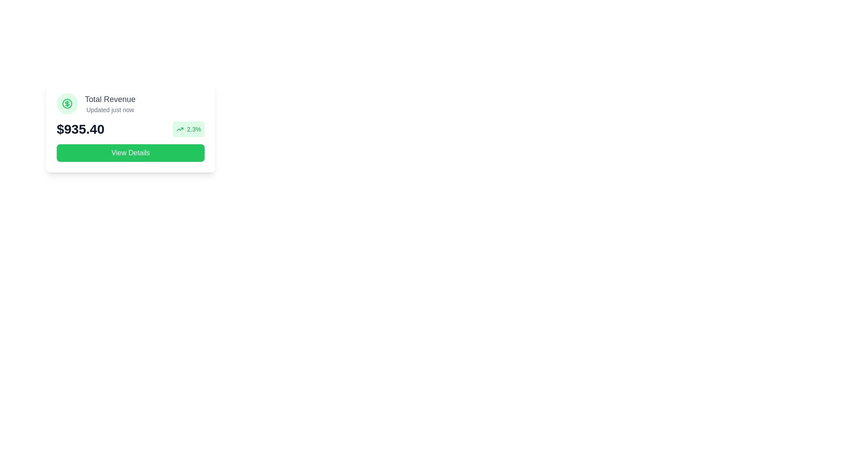  I want to click on the 'Total Revenue' text label which consists of two lines, with the top line in a larger, darker font and the bottom line in a smaller, lighter font, located in the top-left corner of the informational card, so click(110, 103).